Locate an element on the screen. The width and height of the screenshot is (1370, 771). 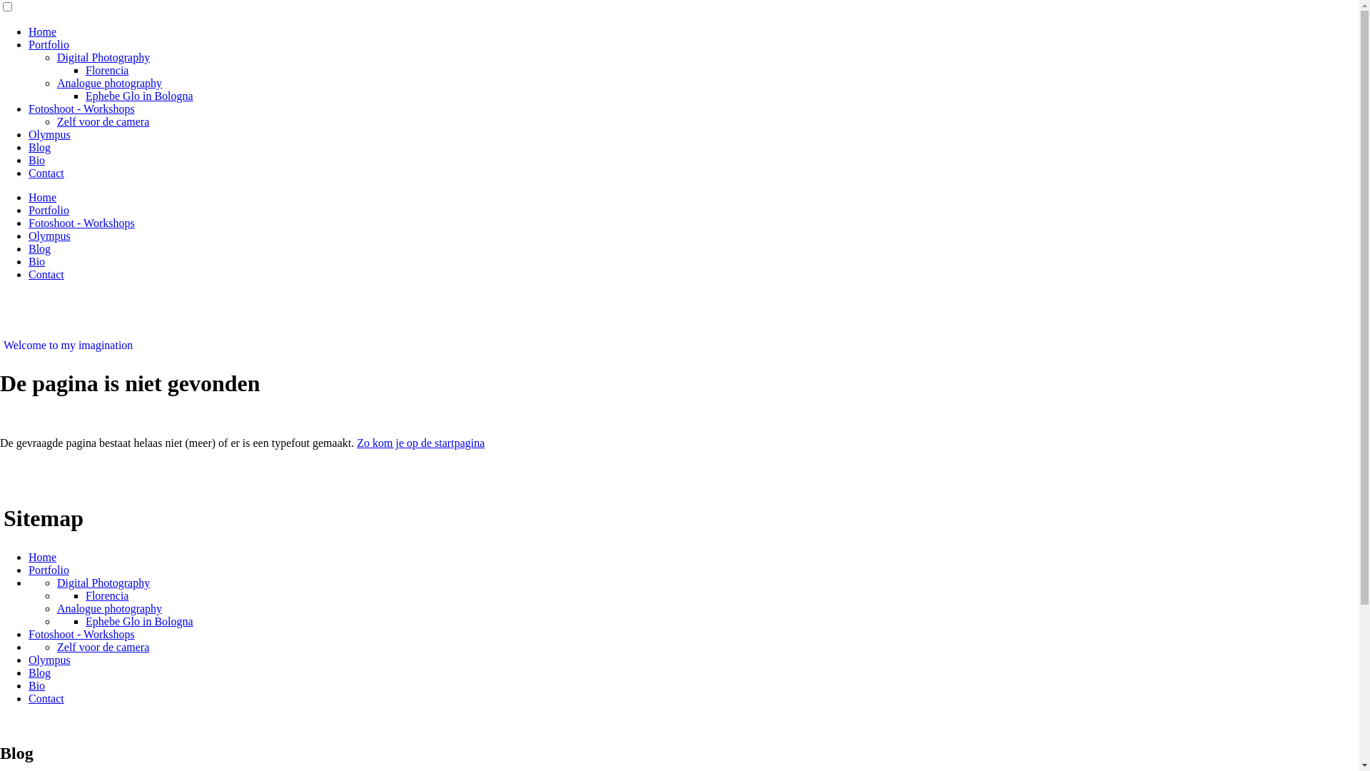
'Welcome to my imagination' is located at coordinates (67, 345).